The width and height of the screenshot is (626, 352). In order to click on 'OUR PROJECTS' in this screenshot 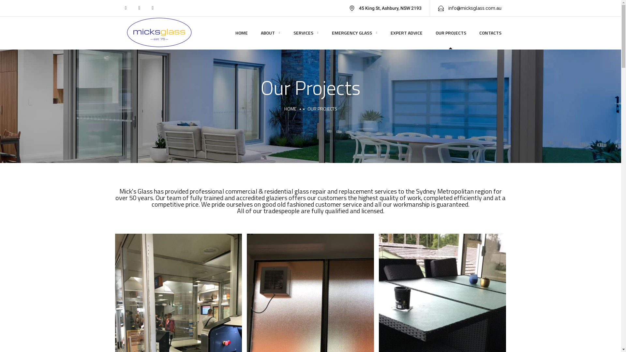, I will do `click(450, 33)`.